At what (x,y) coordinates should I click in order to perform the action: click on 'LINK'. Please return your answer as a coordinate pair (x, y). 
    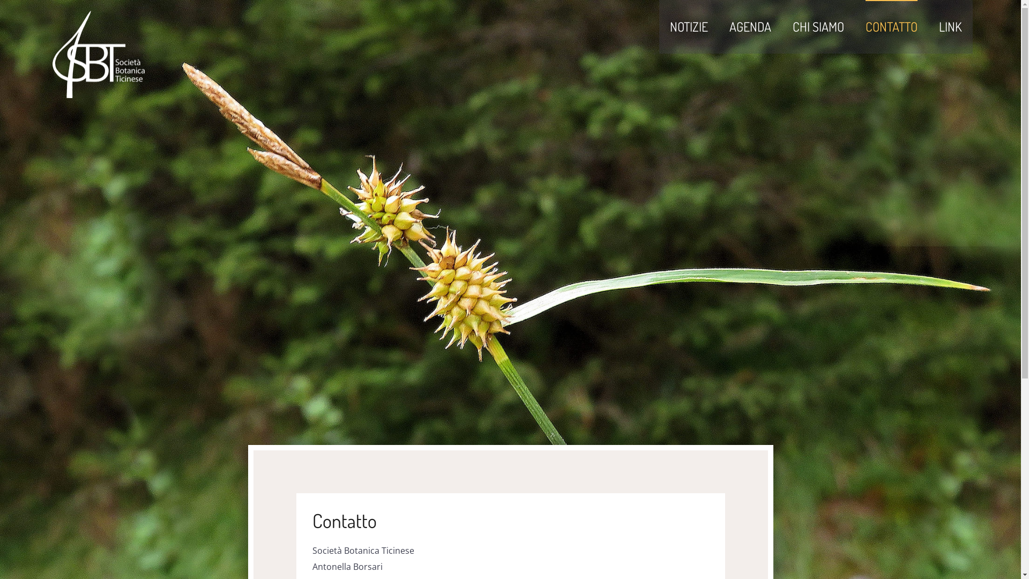
    Looking at the image, I should click on (938, 26).